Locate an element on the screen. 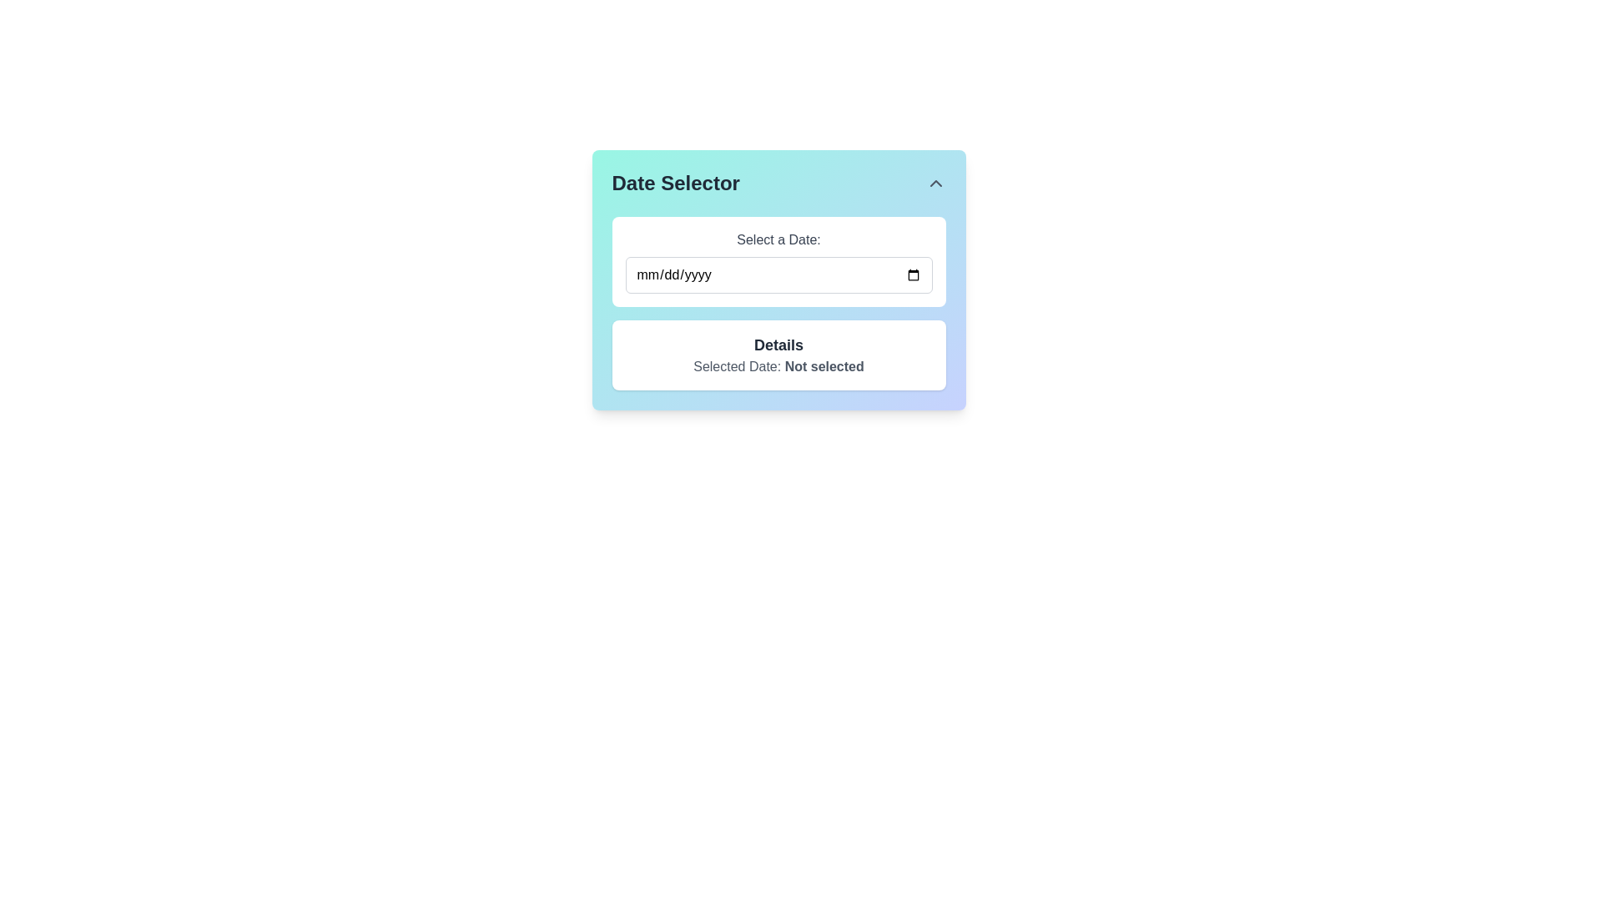 The width and height of the screenshot is (1602, 901). the upward-pointing gray triangular button located at the top-right section of the 'Date Selector' widget is located at coordinates (935, 183).